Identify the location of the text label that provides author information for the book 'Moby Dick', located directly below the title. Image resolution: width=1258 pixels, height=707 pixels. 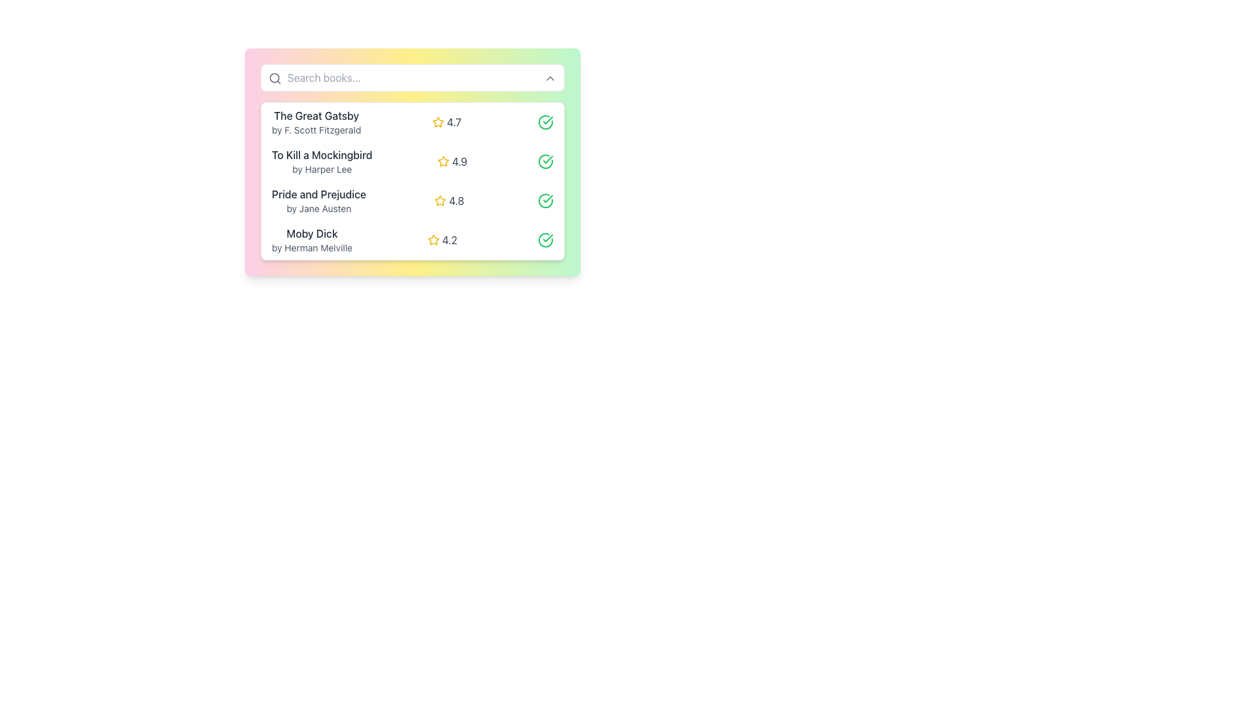
(311, 247).